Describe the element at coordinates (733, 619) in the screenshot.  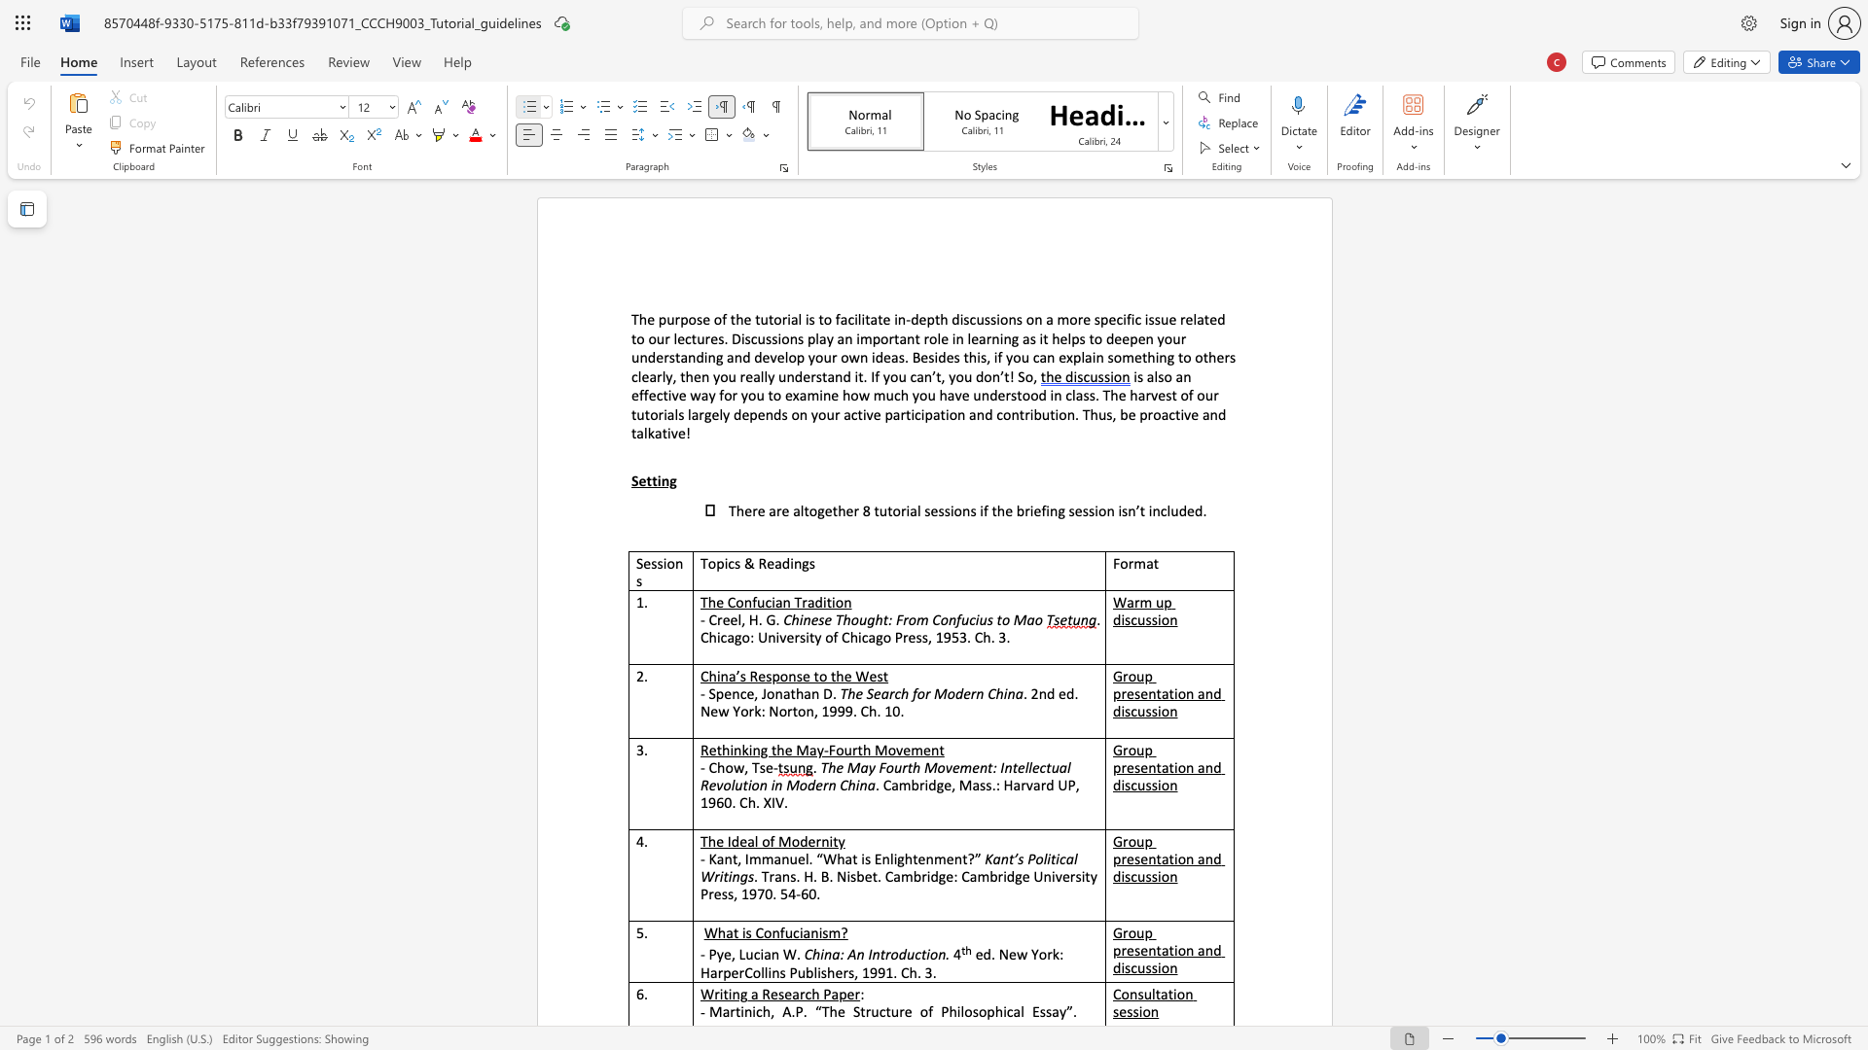
I see `the 2th character "e" in the text` at that location.